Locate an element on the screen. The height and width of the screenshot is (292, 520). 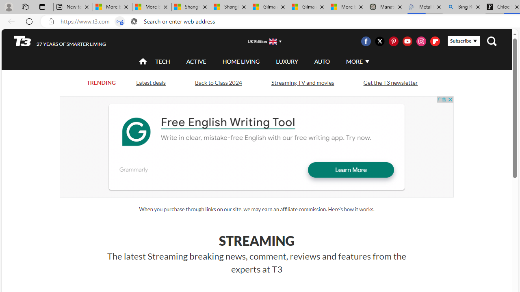
'LUXURY' is located at coordinates (286, 61).